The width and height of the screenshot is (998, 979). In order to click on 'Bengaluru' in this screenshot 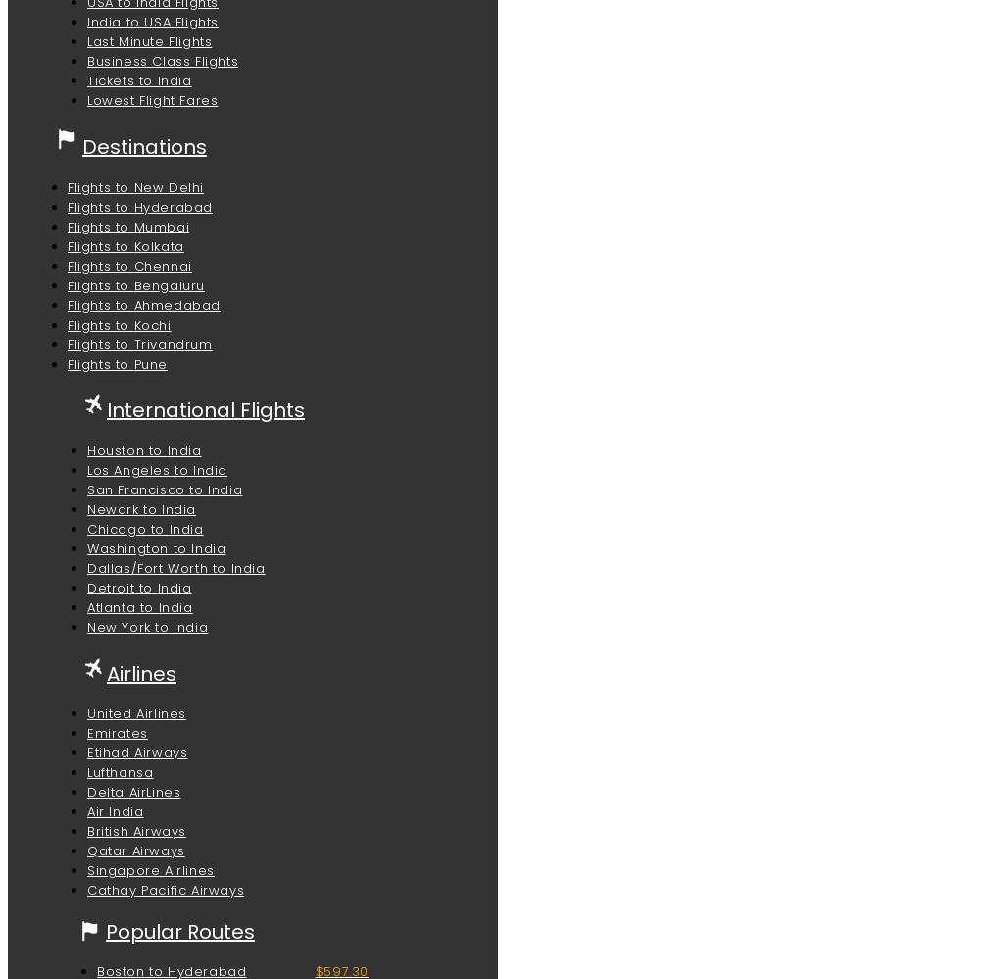, I will do `click(169, 283)`.